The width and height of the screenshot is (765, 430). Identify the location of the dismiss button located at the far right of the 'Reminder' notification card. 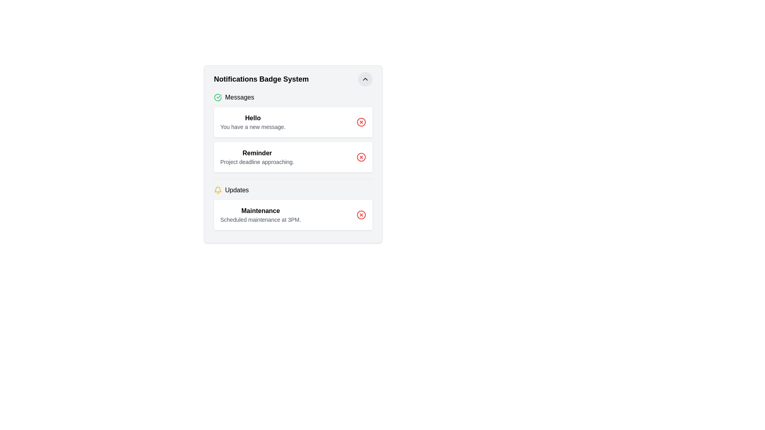
(361, 157).